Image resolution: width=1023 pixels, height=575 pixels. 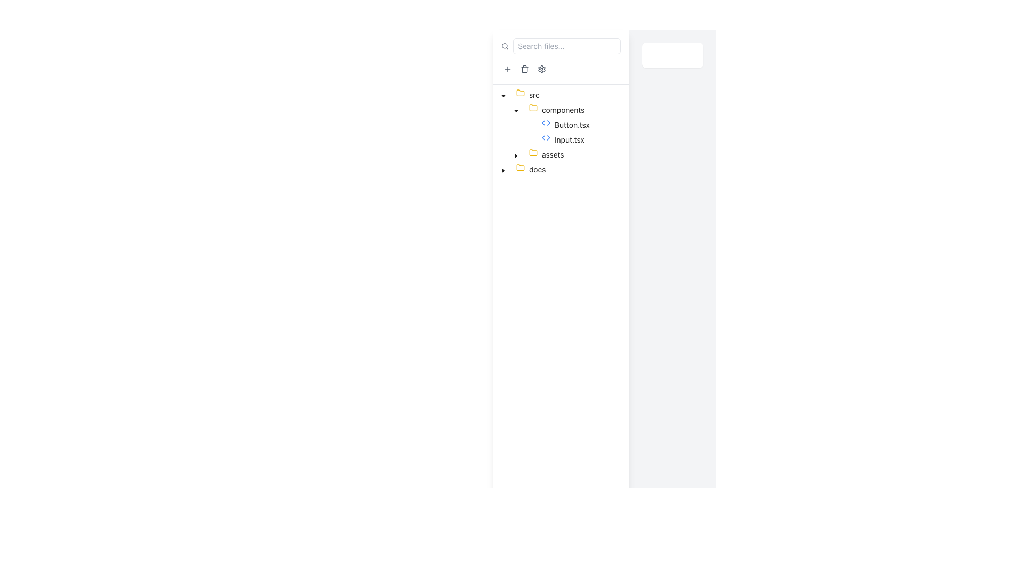 What do you see at coordinates (548, 125) in the screenshot?
I see `the code file icon located to the left of the text label 'Button.tsx' in the file tree structure` at bounding box center [548, 125].